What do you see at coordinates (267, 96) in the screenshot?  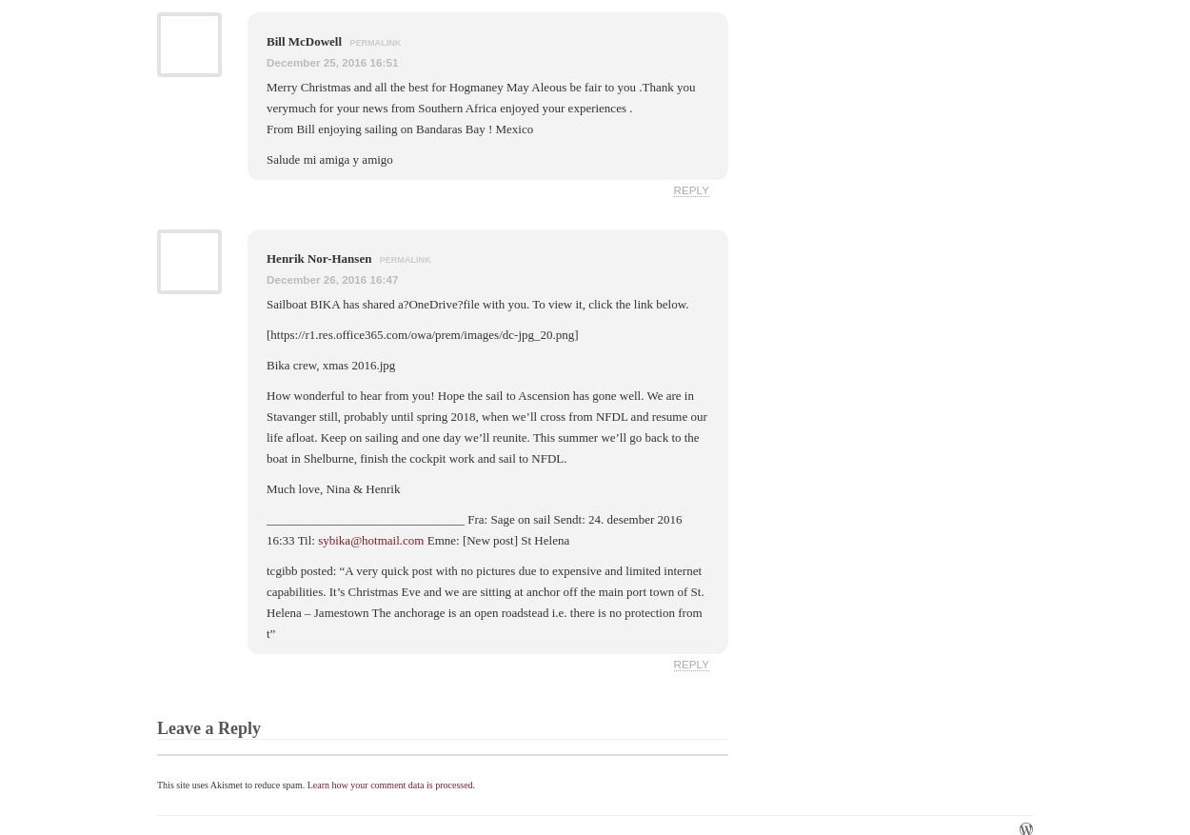 I see `'Merry Christmas and all the best for  Hogmaney  May Aleous be fair to you .Thank you verymuch for your news from Southern Africa enjoyed  your experiences .'` at bounding box center [267, 96].